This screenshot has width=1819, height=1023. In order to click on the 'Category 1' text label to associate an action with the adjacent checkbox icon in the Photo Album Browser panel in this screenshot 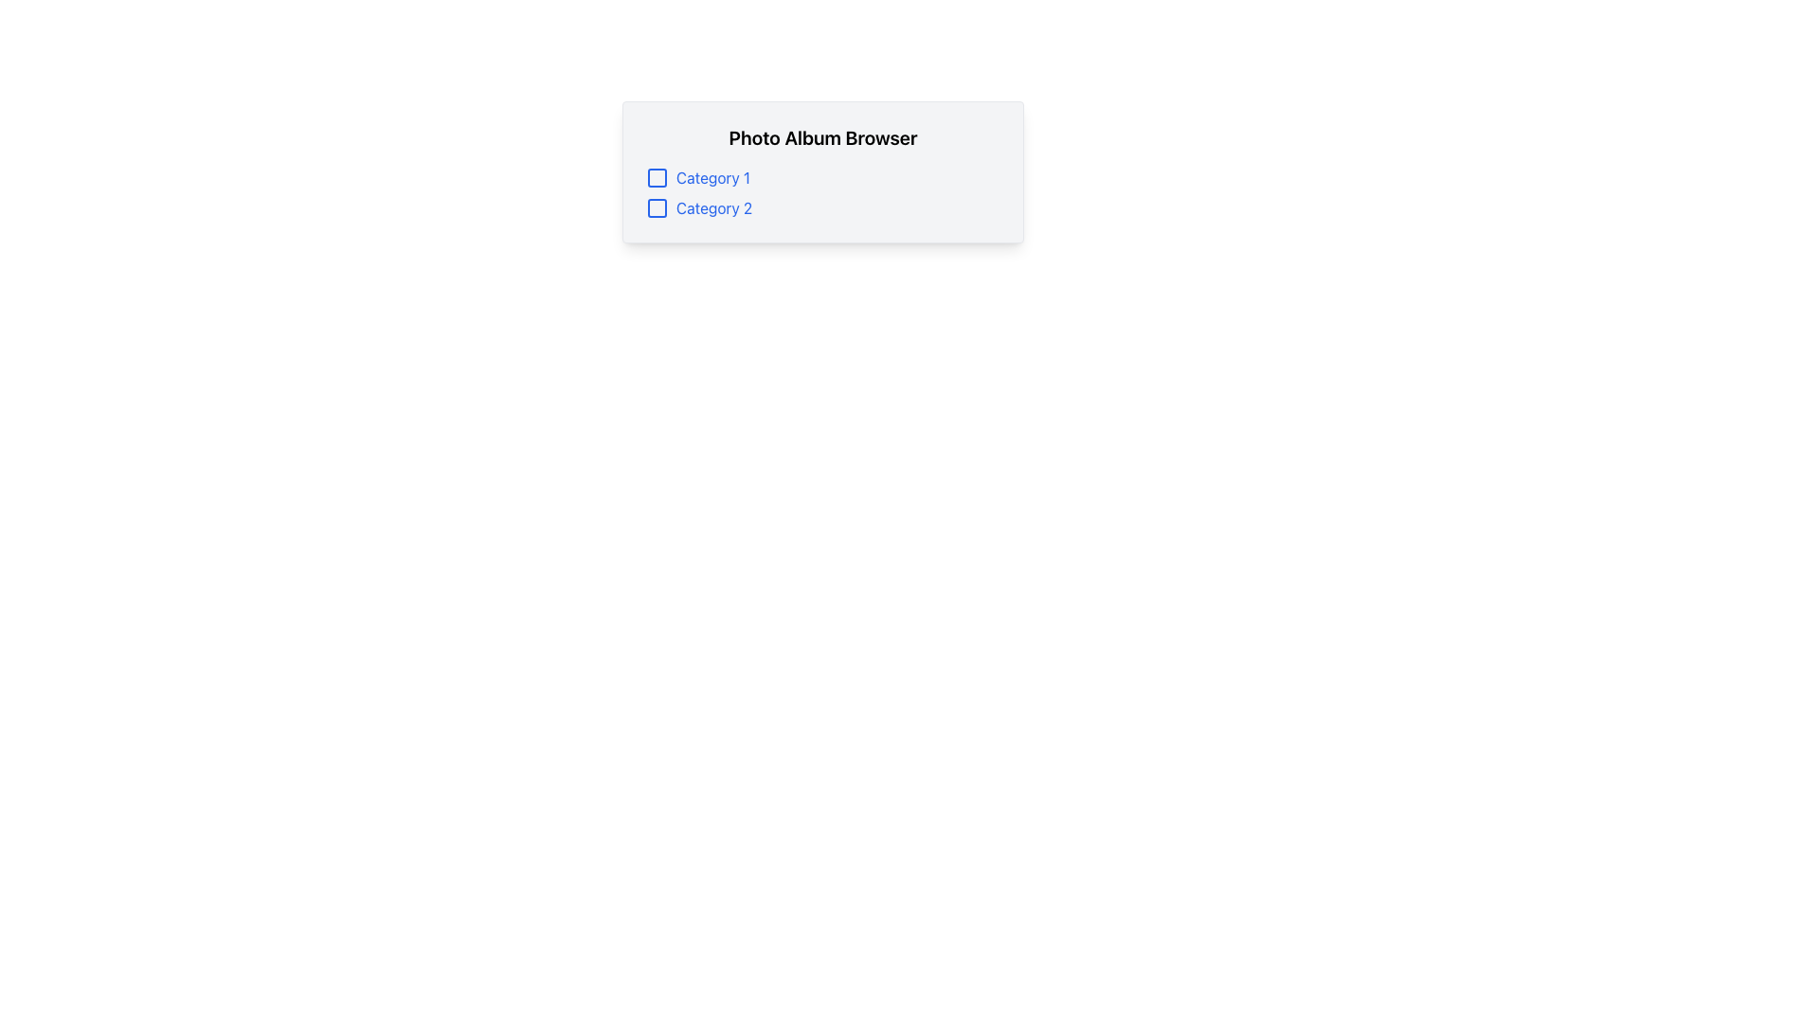, I will do `click(712, 178)`.